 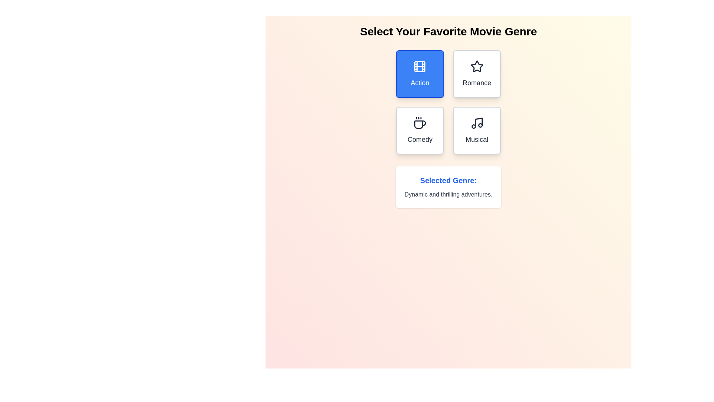 What do you see at coordinates (477, 130) in the screenshot?
I see `the button corresponding to the genre Musical to select it` at bounding box center [477, 130].